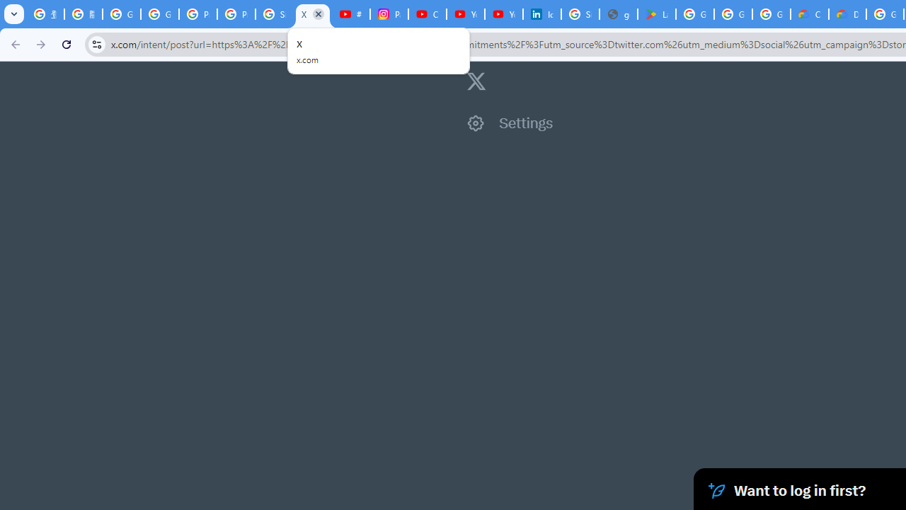 The image size is (906, 510). I want to click on 'Customer Care | Google Cloud', so click(810, 14).